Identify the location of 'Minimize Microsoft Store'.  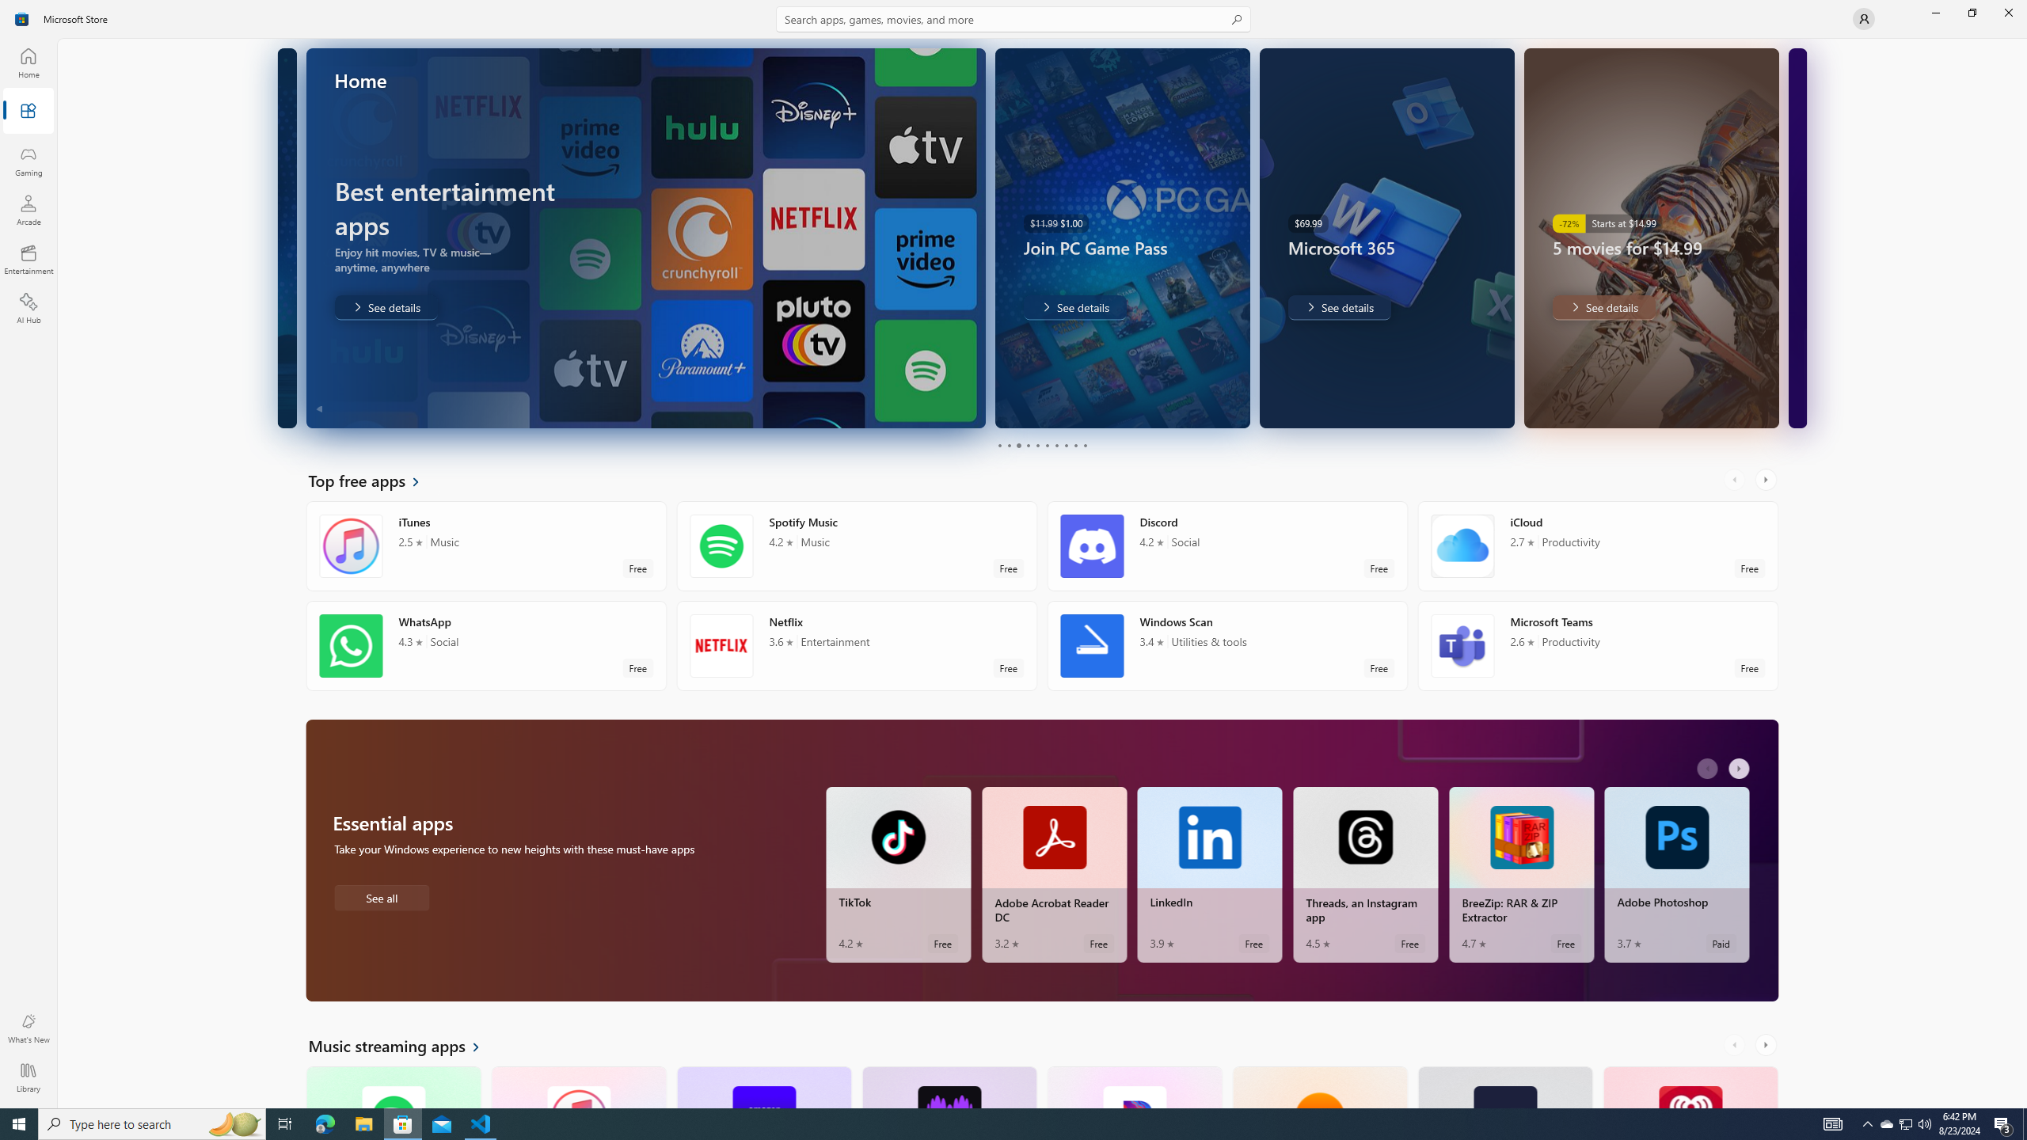
(1934, 12).